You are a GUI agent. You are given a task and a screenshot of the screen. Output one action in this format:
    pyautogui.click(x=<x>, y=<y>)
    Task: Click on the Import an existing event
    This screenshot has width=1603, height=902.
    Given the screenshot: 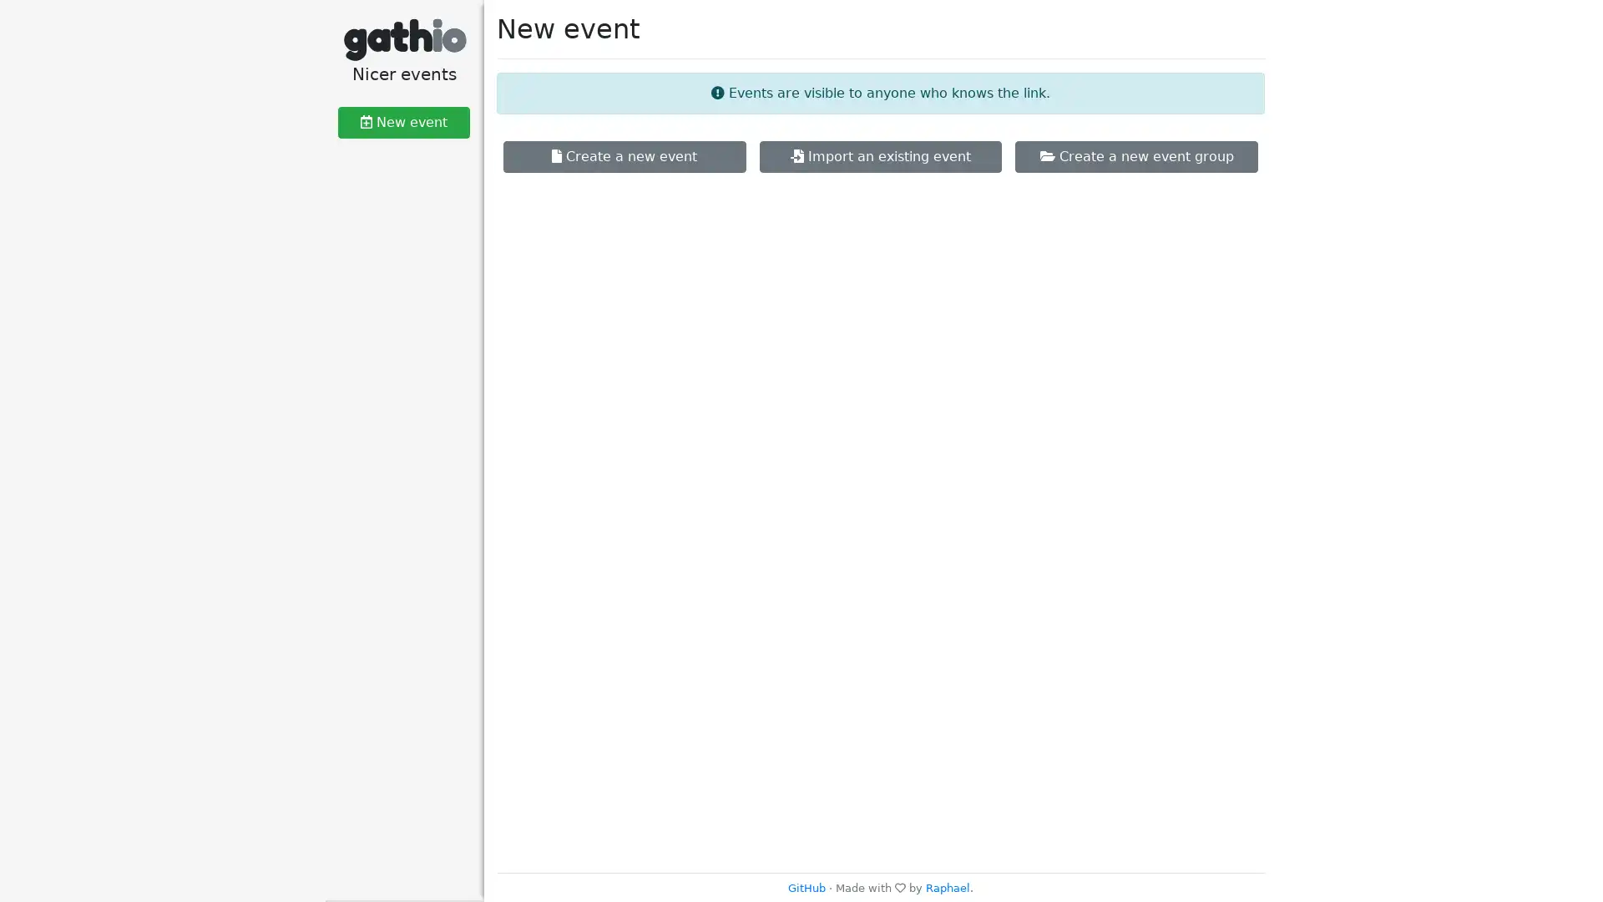 What is the action you would take?
    pyautogui.click(x=879, y=157)
    